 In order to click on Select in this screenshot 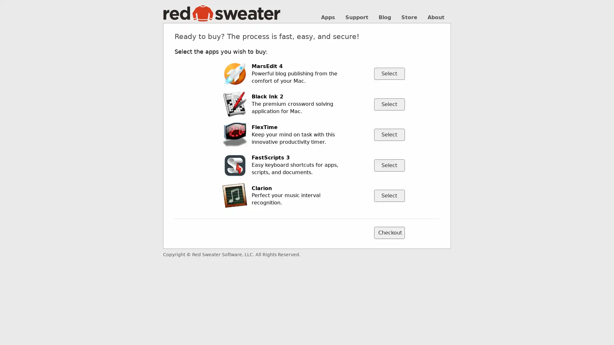, I will do `click(389, 195)`.